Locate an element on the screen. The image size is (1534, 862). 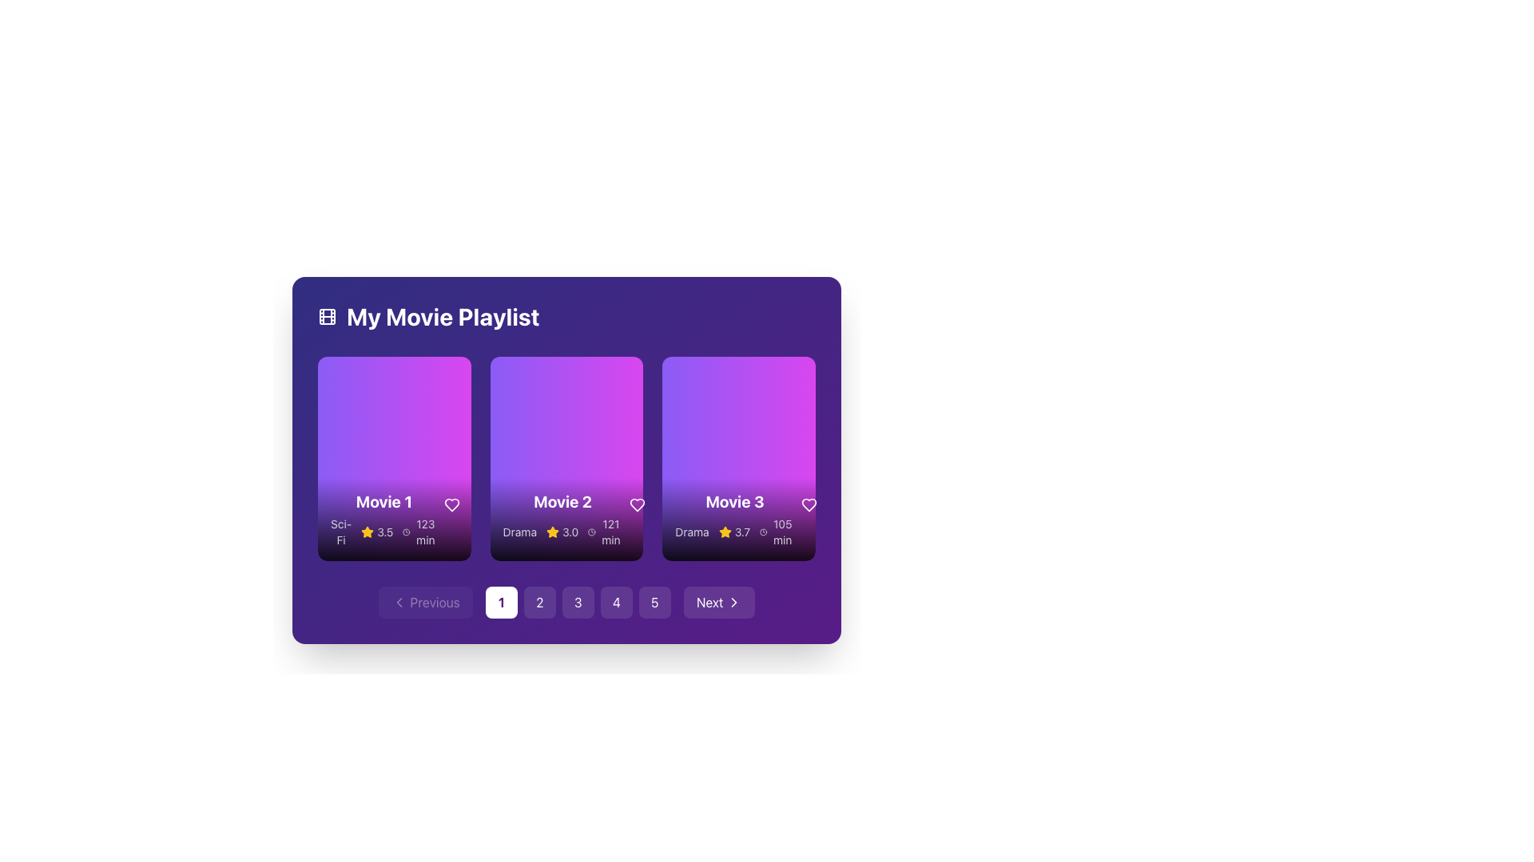
the third pagination button located at the bottom center of the interface is located at coordinates (577, 603).